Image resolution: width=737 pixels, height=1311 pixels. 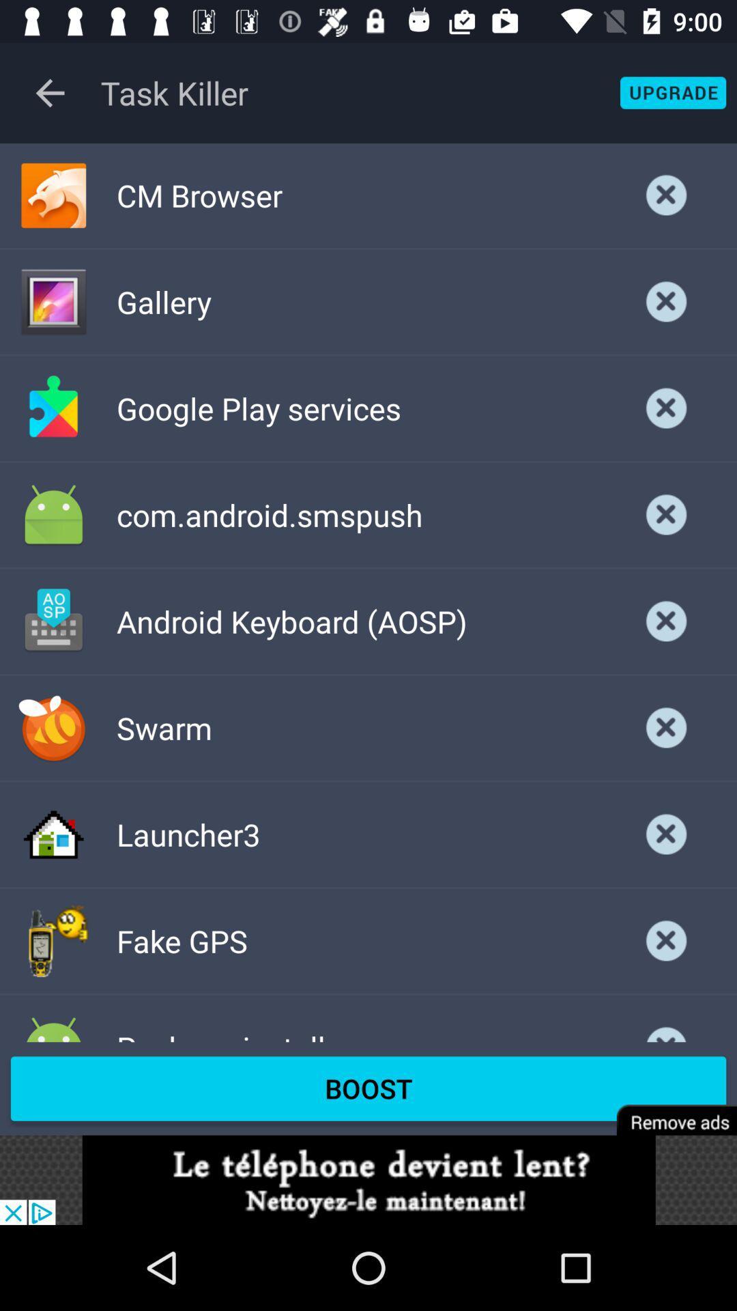 I want to click on shutdown task, so click(x=666, y=301).